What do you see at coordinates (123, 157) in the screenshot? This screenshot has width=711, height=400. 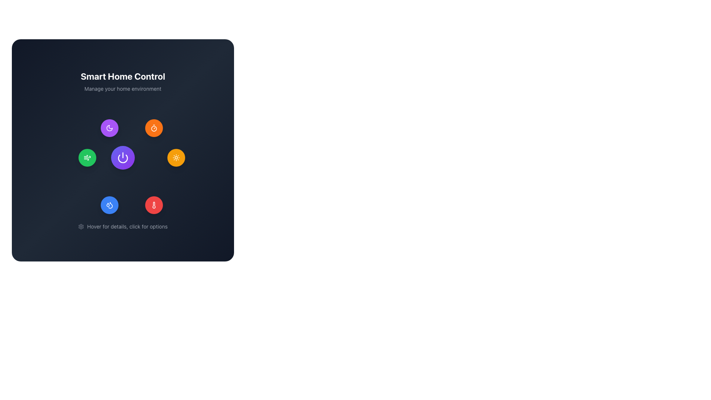 I see `the power icon button located centrally among a circular group of buttons` at bounding box center [123, 157].